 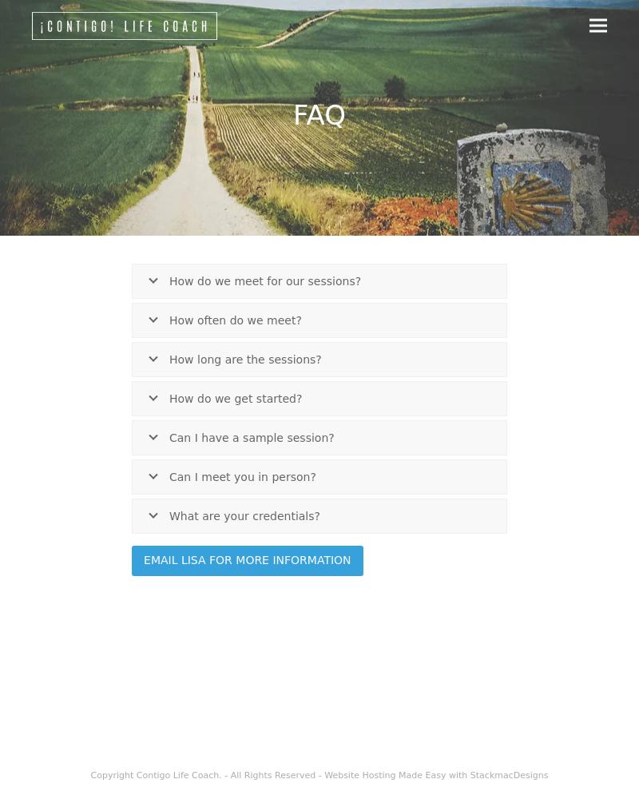 I want to click on 'FAQ', so click(x=318, y=115).